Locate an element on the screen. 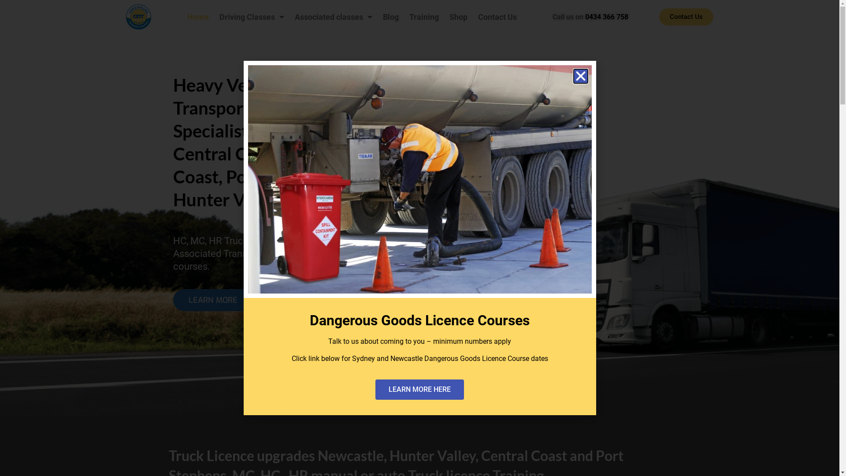  'LEARN MORE' is located at coordinates (213, 300).